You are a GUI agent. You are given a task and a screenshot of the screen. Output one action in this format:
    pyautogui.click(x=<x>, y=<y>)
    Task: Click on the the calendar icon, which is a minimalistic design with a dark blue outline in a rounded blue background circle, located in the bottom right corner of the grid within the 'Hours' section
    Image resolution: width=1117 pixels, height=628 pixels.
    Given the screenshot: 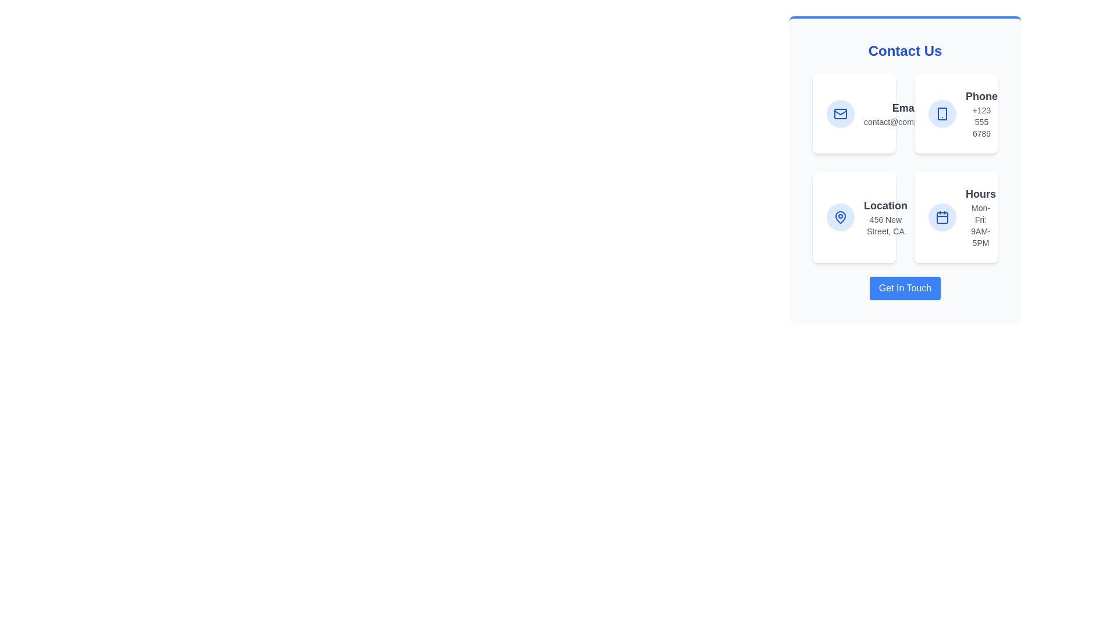 What is the action you would take?
    pyautogui.click(x=942, y=217)
    